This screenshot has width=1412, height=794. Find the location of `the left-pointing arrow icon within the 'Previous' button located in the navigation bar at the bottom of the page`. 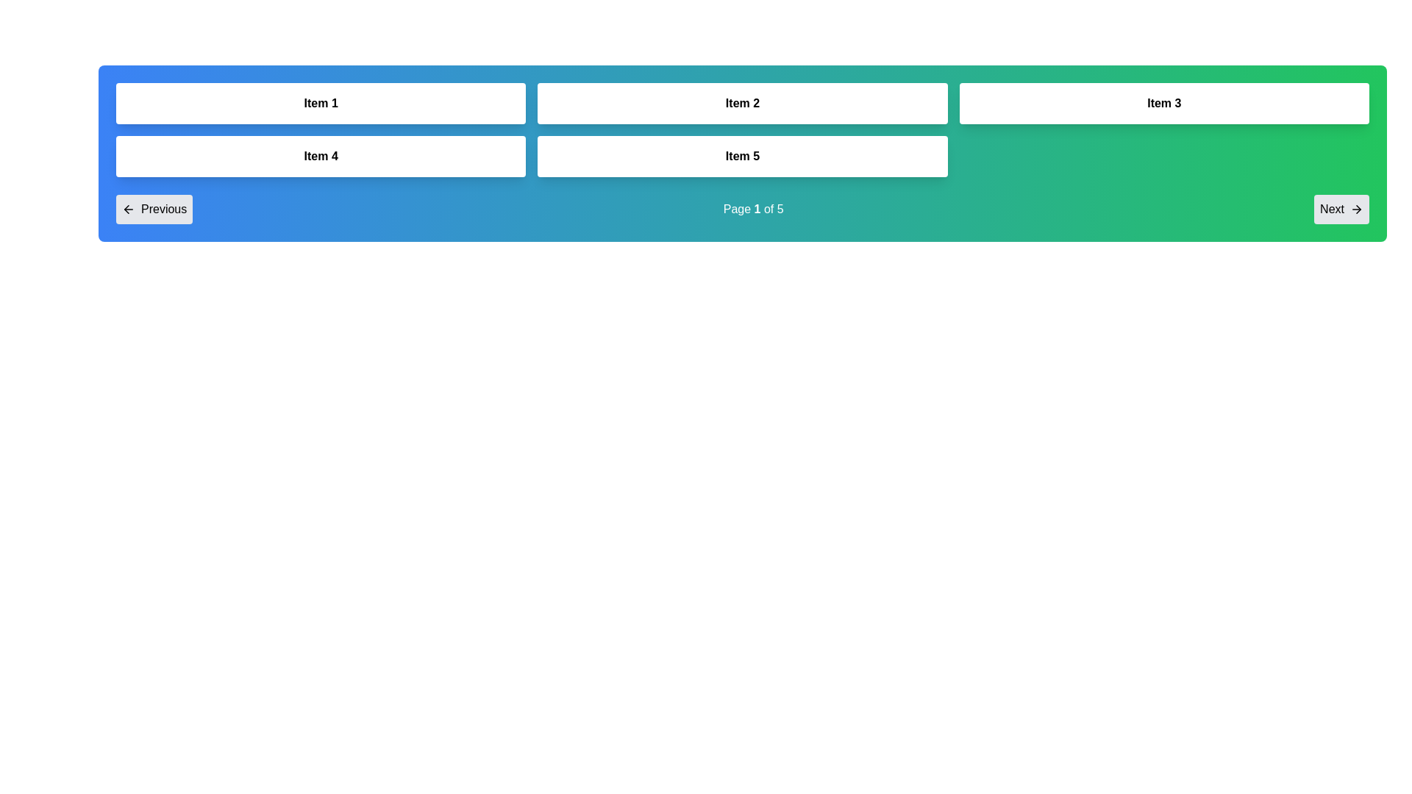

the left-pointing arrow icon within the 'Previous' button located in the navigation bar at the bottom of the page is located at coordinates (128, 210).